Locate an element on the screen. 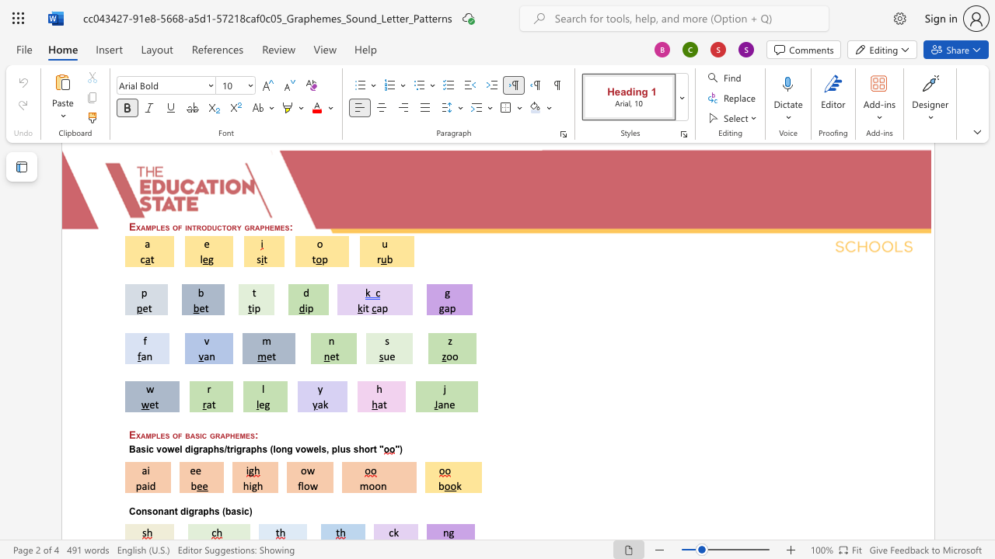 This screenshot has width=995, height=559. the space between the continuous character "s" and "/" in the text is located at coordinates (222, 450).